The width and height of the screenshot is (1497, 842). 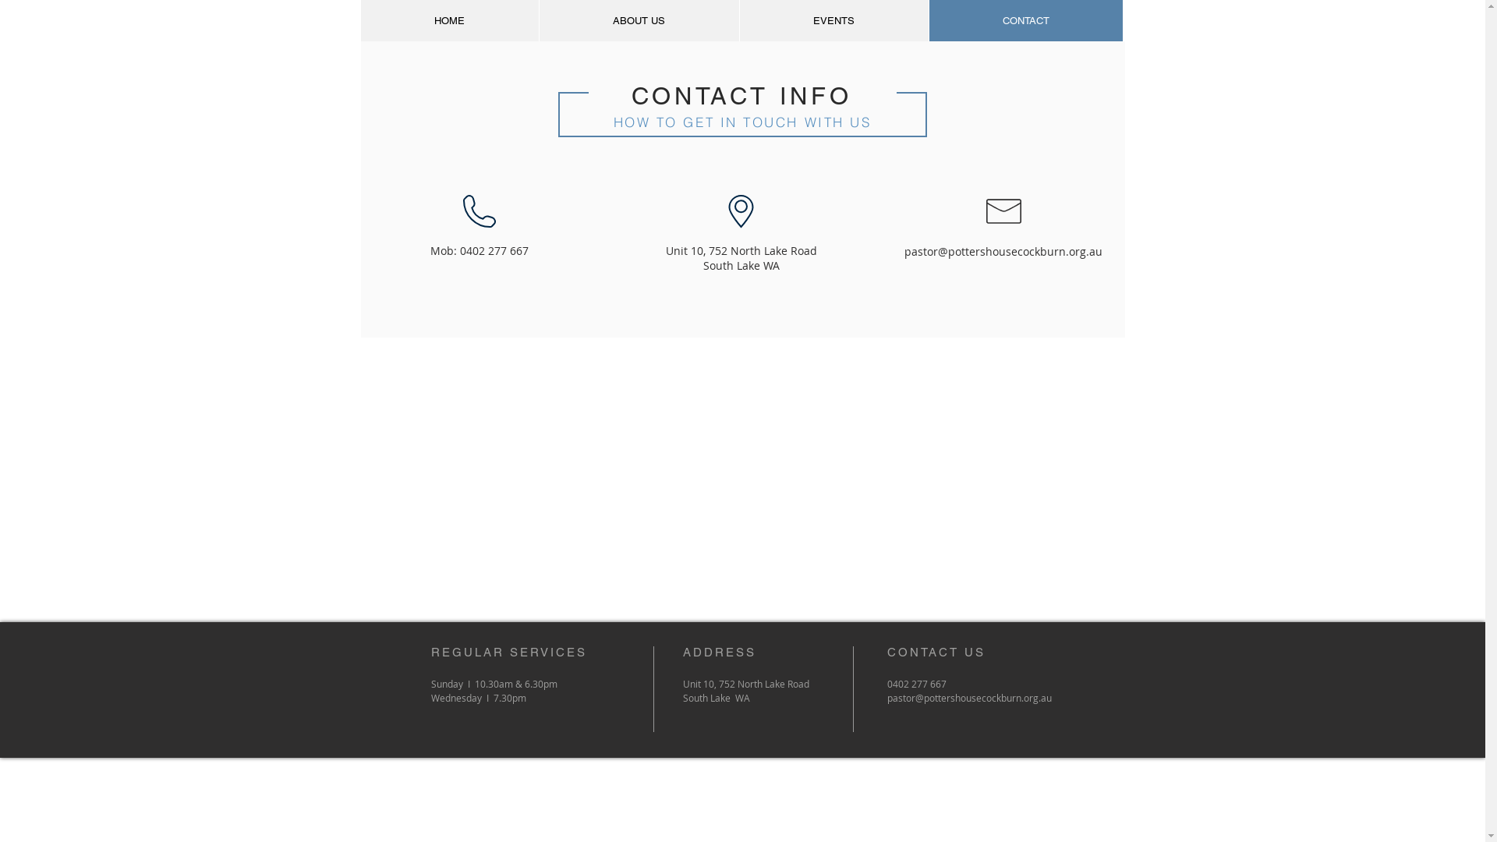 I want to click on 'CONTACT', so click(x=1025, y=20).